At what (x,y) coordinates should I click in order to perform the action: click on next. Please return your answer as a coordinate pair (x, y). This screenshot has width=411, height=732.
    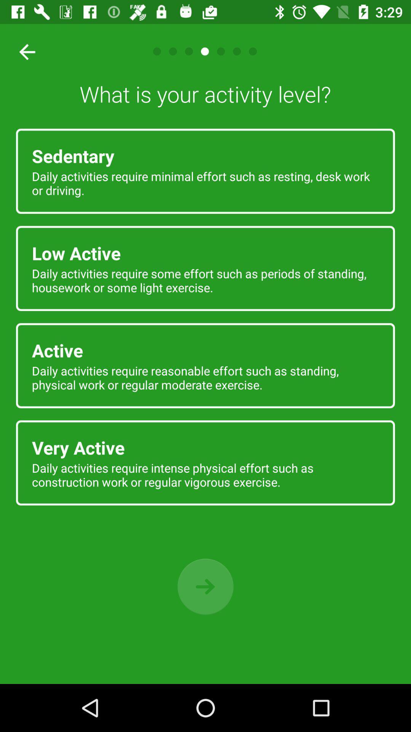
    Looking at the image, I should click on (205, 586).